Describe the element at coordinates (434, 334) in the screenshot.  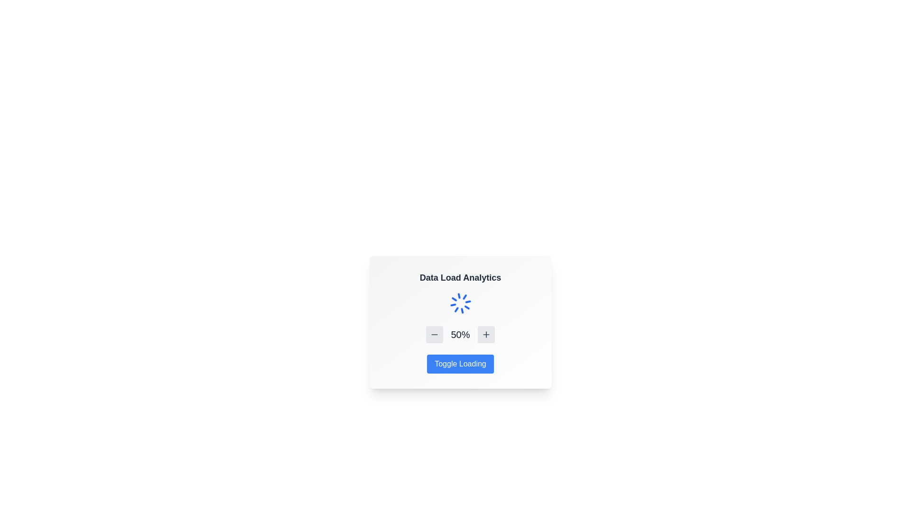
I see `the decrement button` at that location.